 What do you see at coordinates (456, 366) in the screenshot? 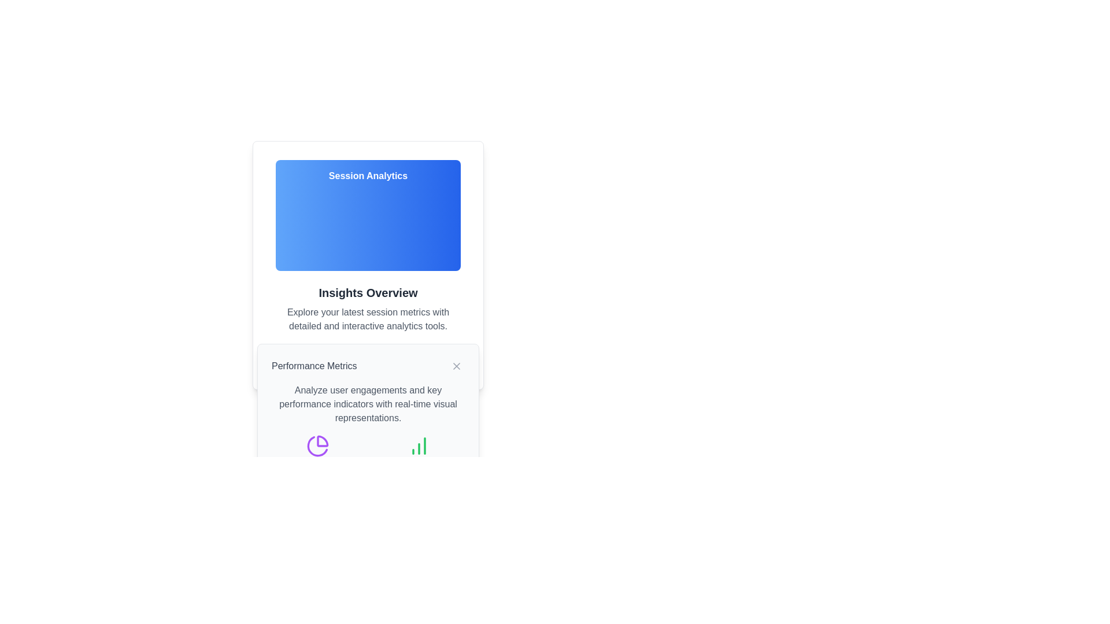
I see `the 'X' shaped icon in the upper-right corner of the 'Performance Metrics' section` at bounding box center [456, 366].